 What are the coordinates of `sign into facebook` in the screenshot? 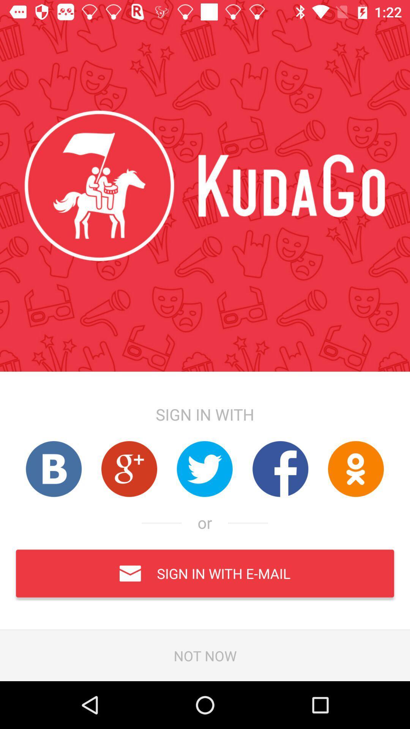 It's located at (280, 469).